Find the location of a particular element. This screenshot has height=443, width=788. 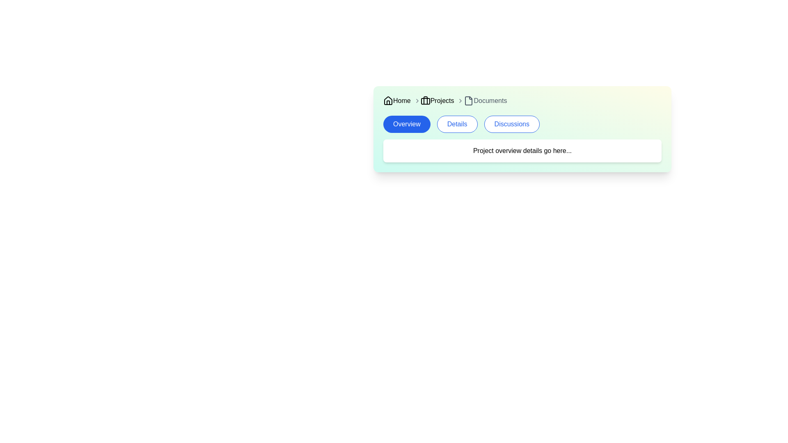

the briefcase icon located in the breadcrumb navigation section to the left of the text 'Projects' is located at coordinates (425, 100).